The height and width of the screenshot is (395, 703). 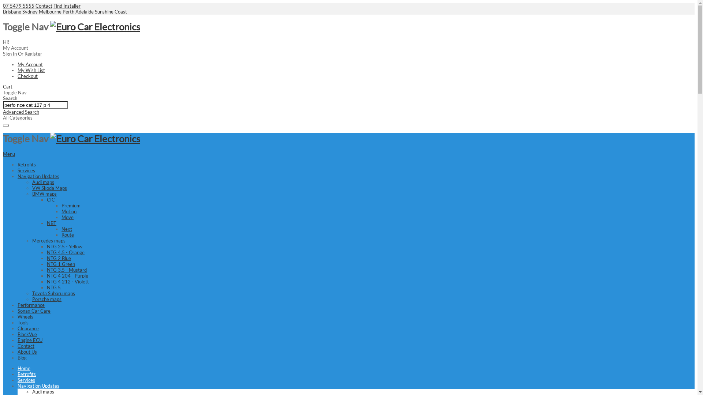 What do you see at coordinates (31, 70) in the screenshot?
I see `'My Wish List'` at bounding box center [31, 70].